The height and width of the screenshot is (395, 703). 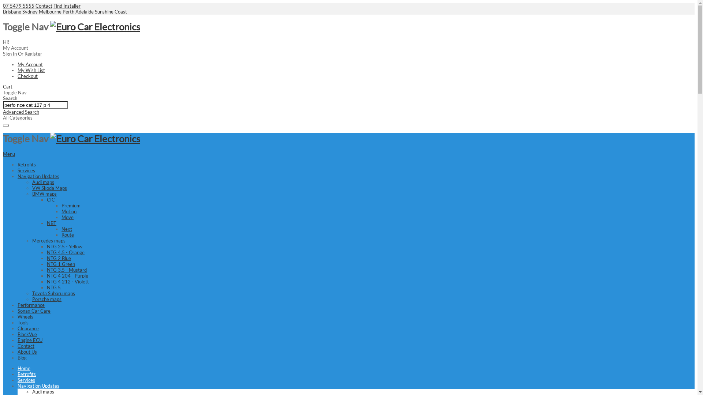 What do you see at coordinates (31, 70) in the screenshot?
I see `'My Wish List'` at bounding box center [31, 70].